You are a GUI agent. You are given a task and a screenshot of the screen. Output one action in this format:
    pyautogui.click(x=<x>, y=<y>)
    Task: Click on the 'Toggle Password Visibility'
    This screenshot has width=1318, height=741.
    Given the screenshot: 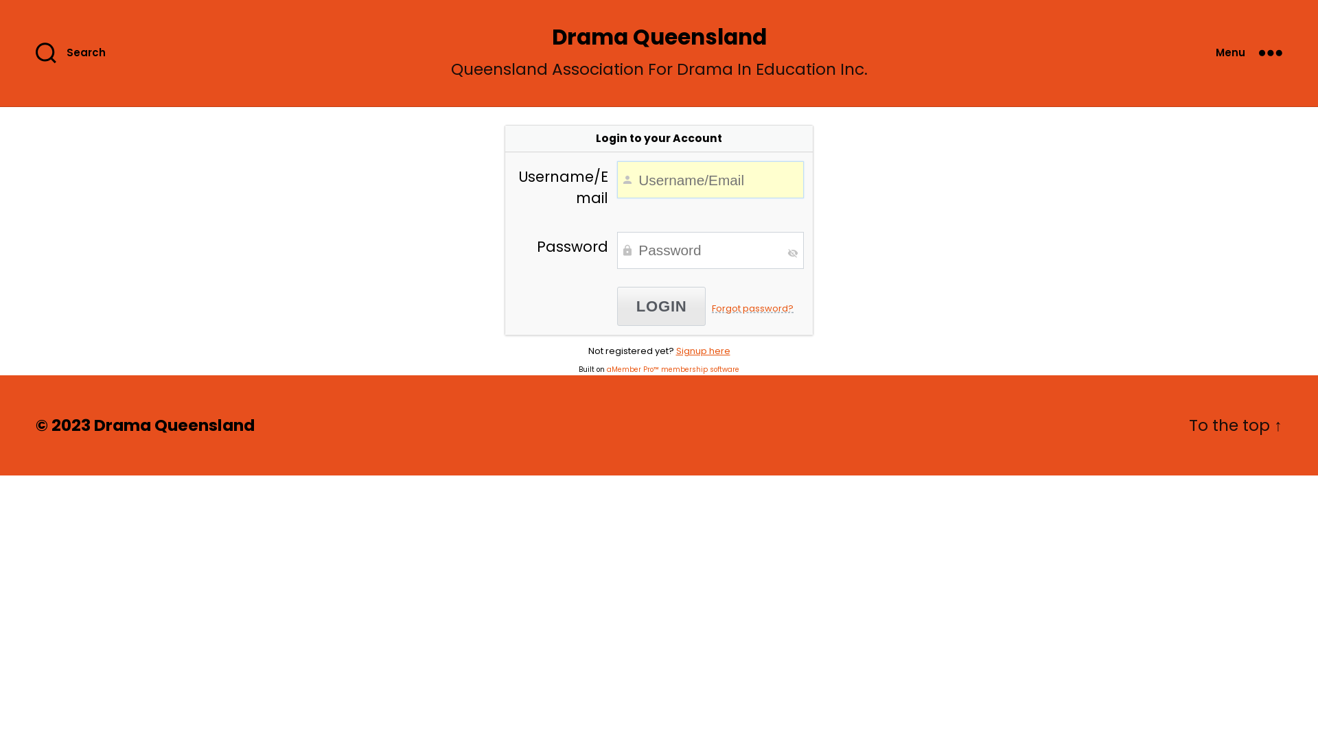 What is the action you would take?
    pyautogui.click(x=793, y=253)
    